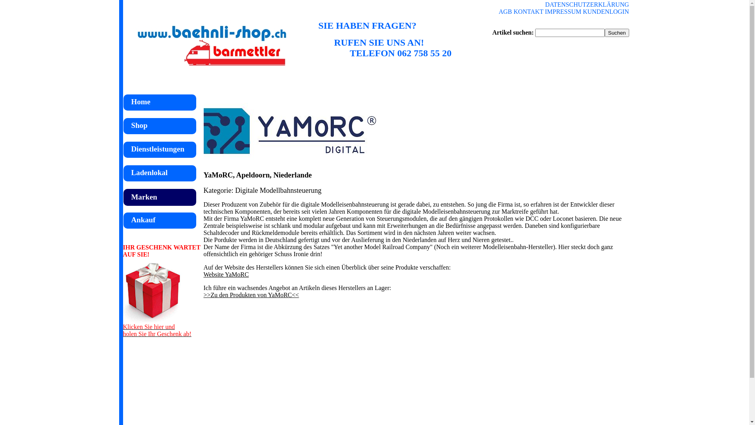  What do you see at coordinates (251, 295) in the screenshot?
I see `'>>Zu den Produkten von YaMoRC<<'` at bounding box center [251, 295].